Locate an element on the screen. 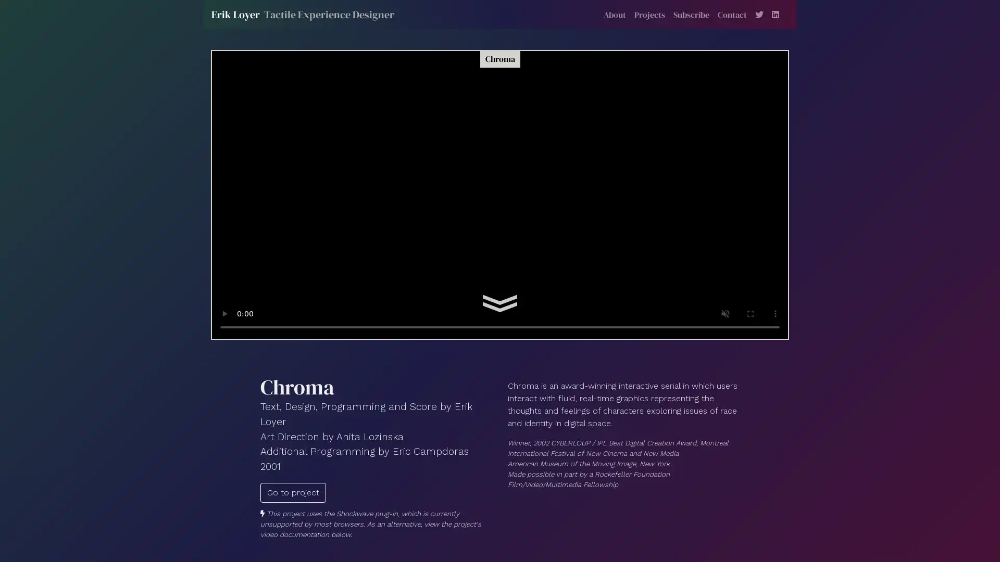  enter full screen is located at coordinates (750, 313).